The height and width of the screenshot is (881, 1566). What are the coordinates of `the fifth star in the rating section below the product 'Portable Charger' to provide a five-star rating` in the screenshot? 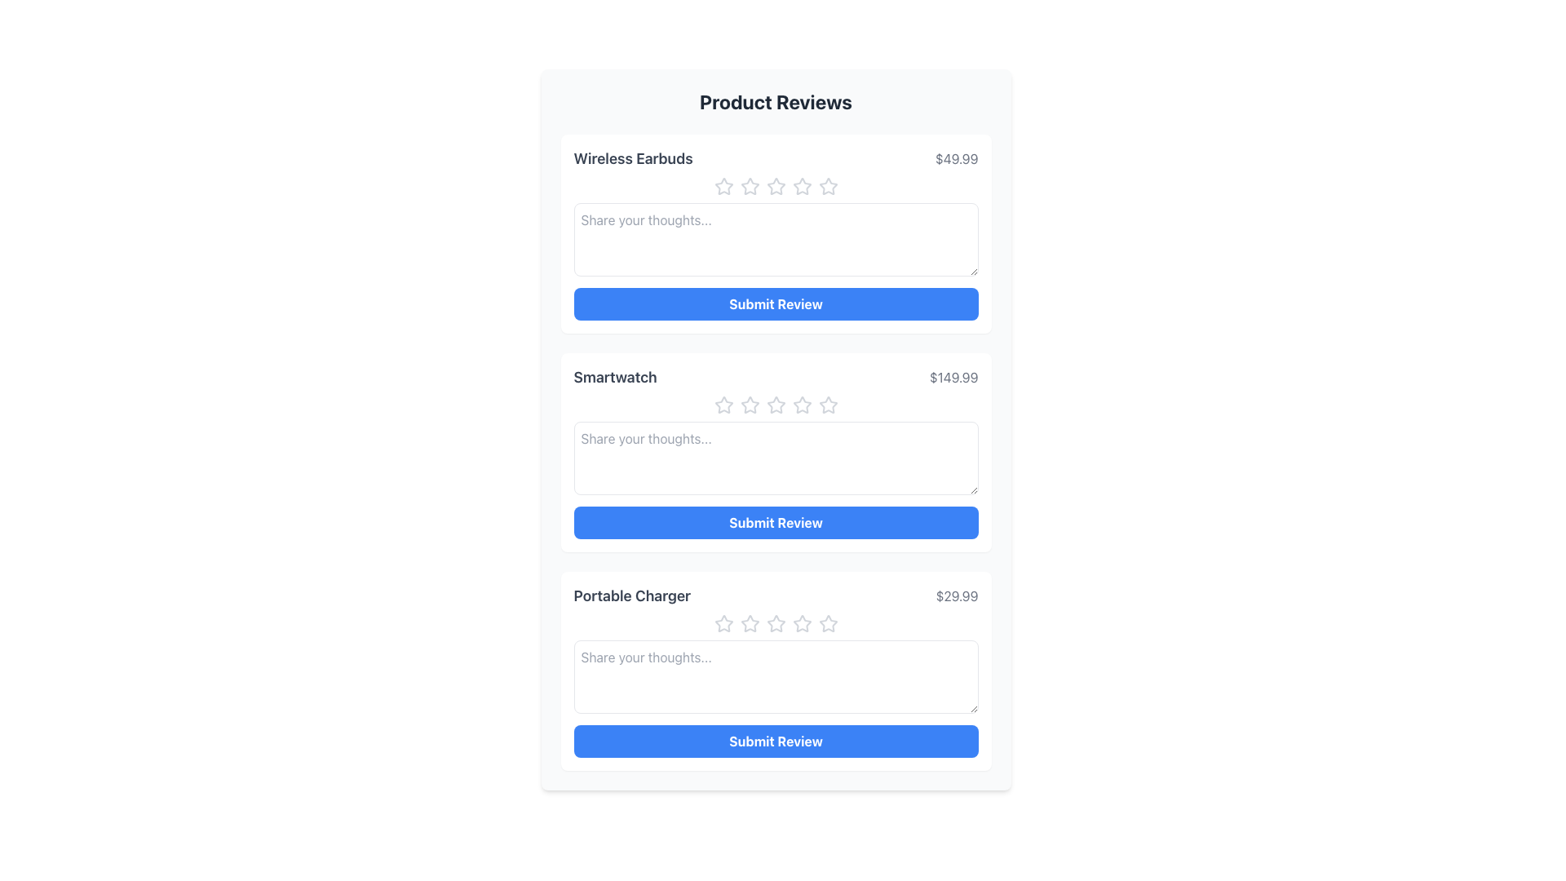 It's located at (828, 623).